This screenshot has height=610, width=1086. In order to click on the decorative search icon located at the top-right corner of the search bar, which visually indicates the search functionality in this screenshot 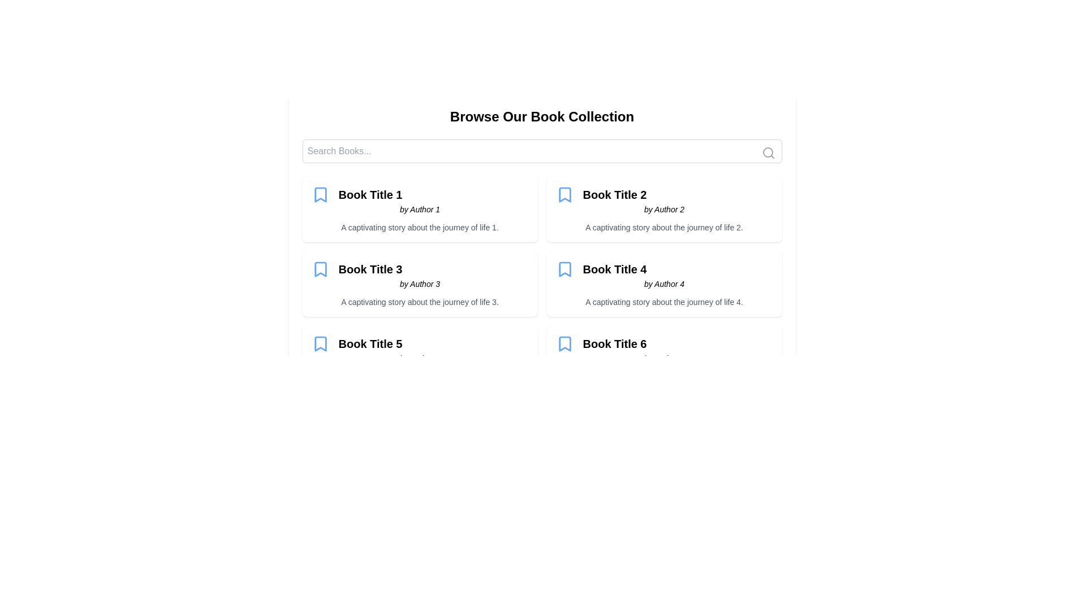, I will do `click(768, 152)`.